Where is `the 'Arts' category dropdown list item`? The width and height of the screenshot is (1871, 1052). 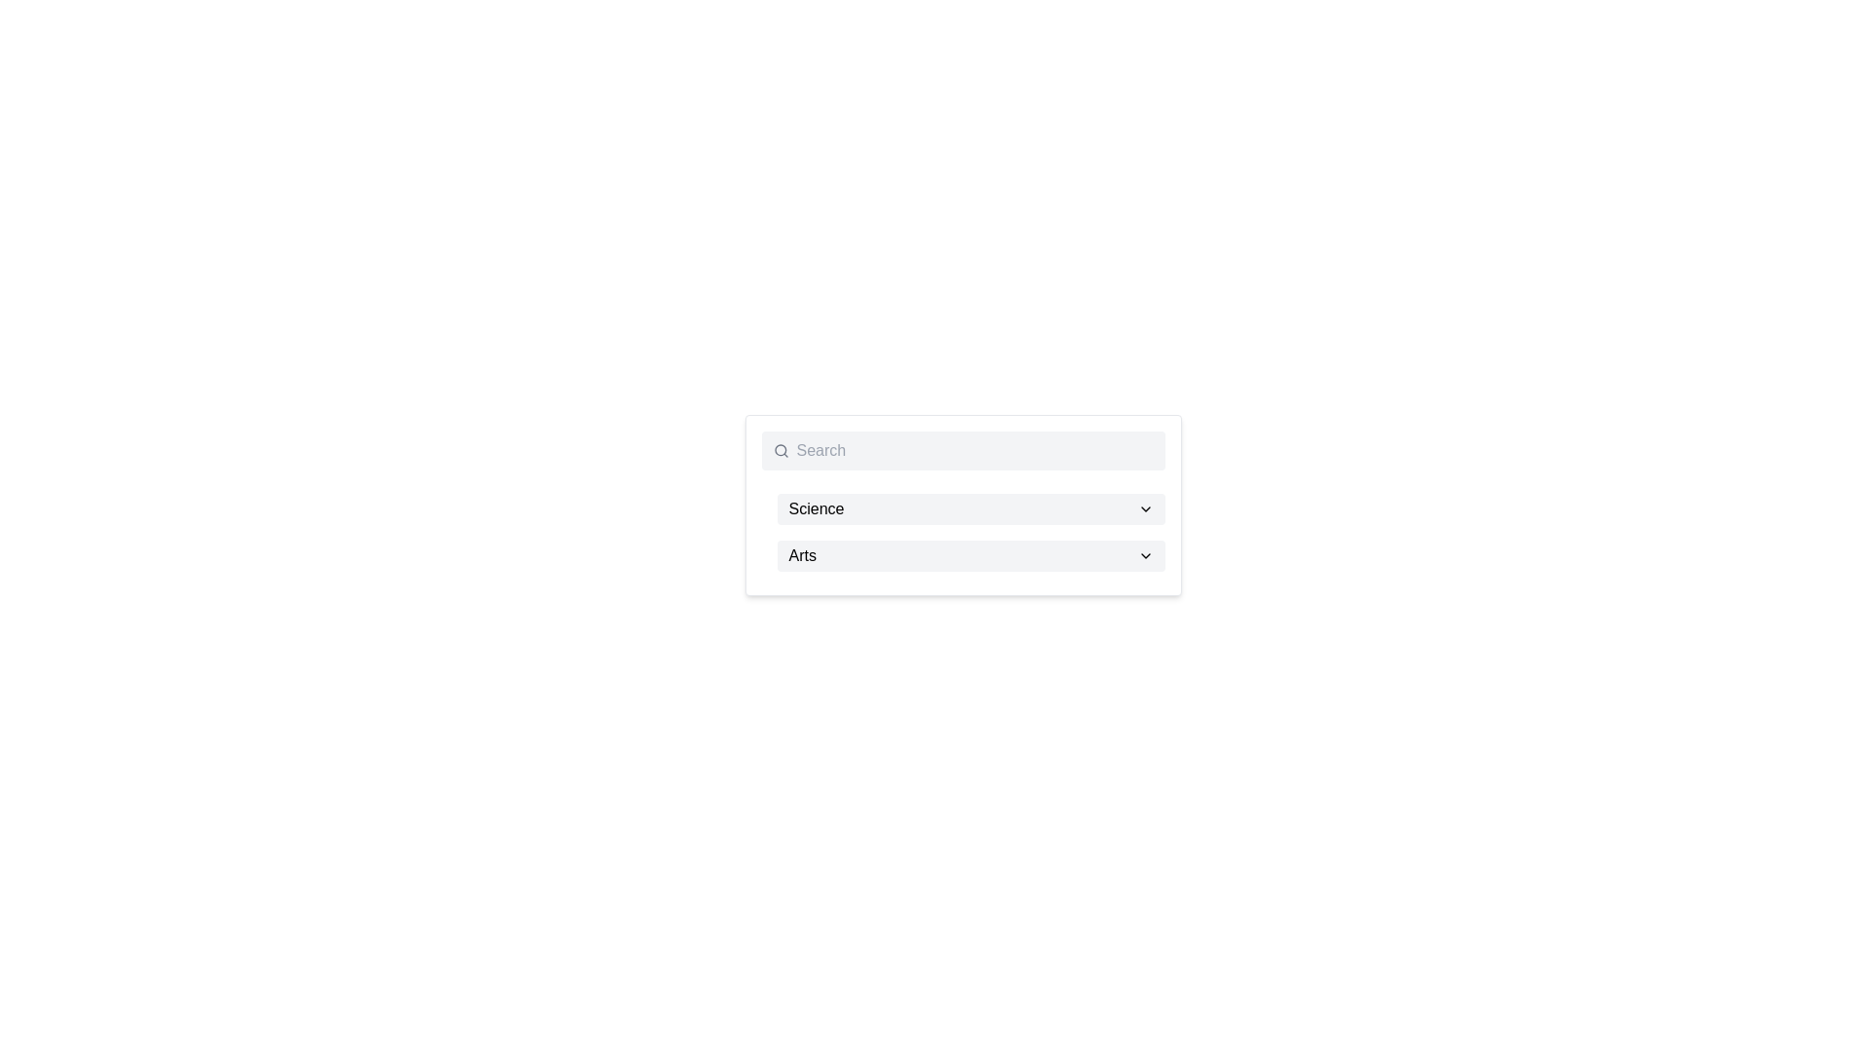 the 'Arts' category dropdown list item is located at coordinates (971, 555).